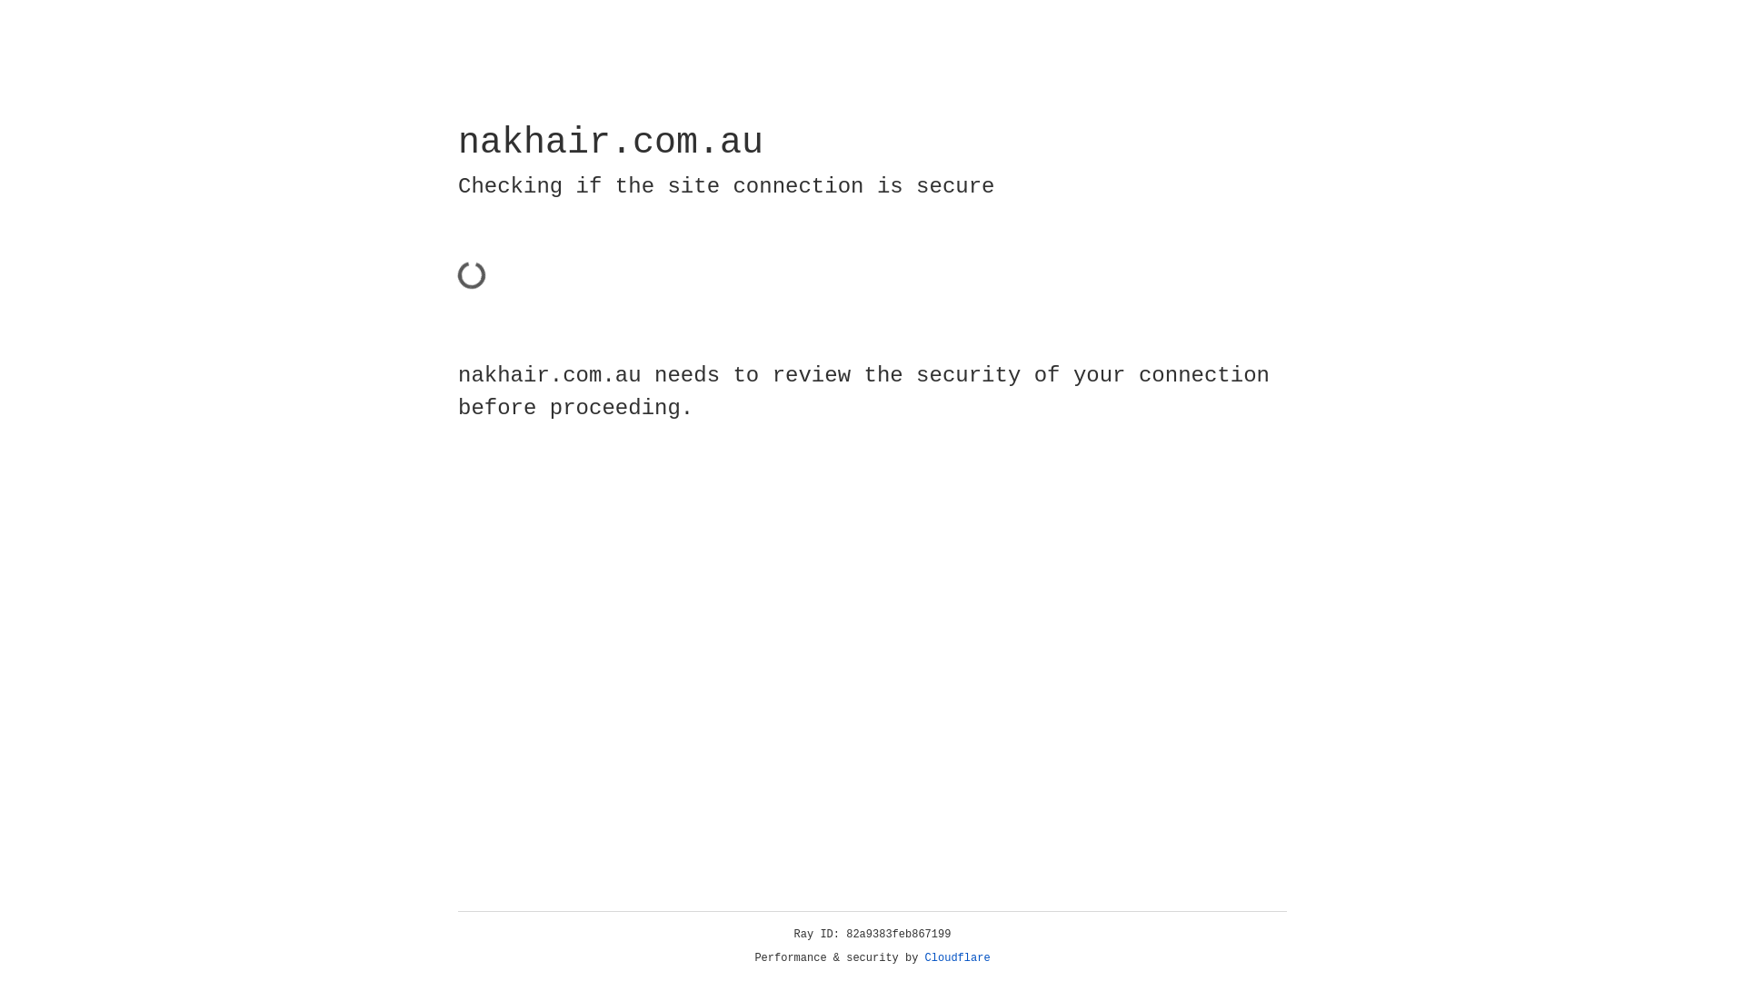  What do you see at coordinates (957, 957) in the screenshot?
I see `'Cloudflare'` at bounding box center [957, 957].